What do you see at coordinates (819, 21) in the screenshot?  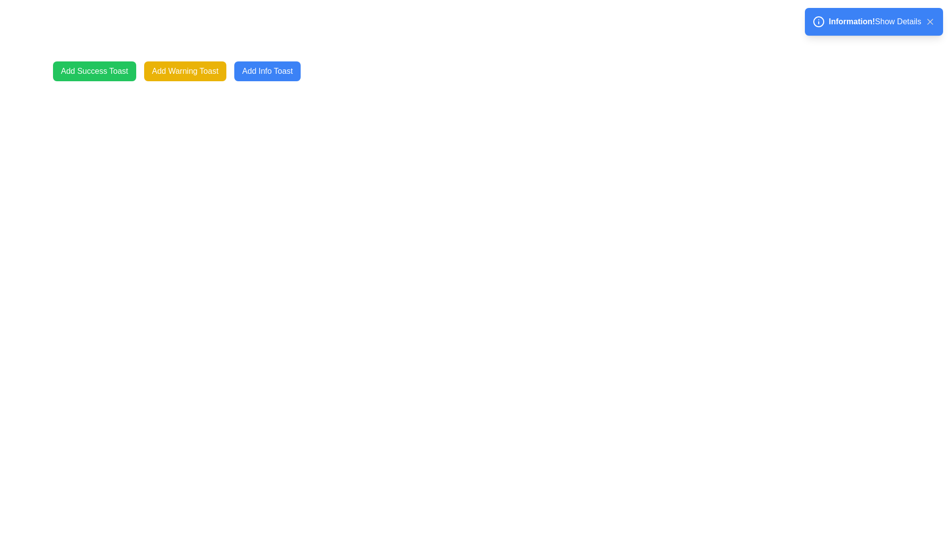 I see `the circular blue outlined icon with an information symbol located to the left of the text 'Information!' in the blue notification popup` at bounding box center [819, 21].